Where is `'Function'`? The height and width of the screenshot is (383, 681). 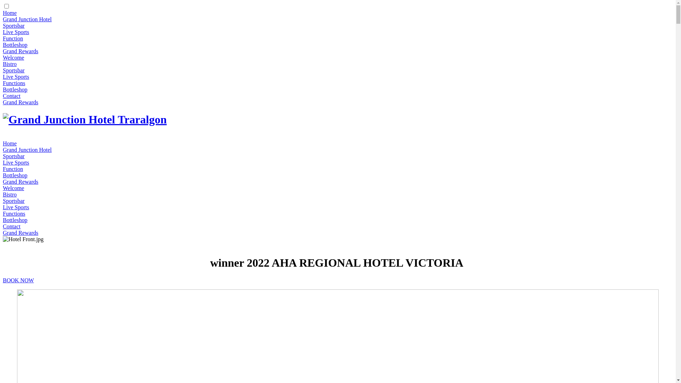
'Function' is located at coordinates (13, 169).